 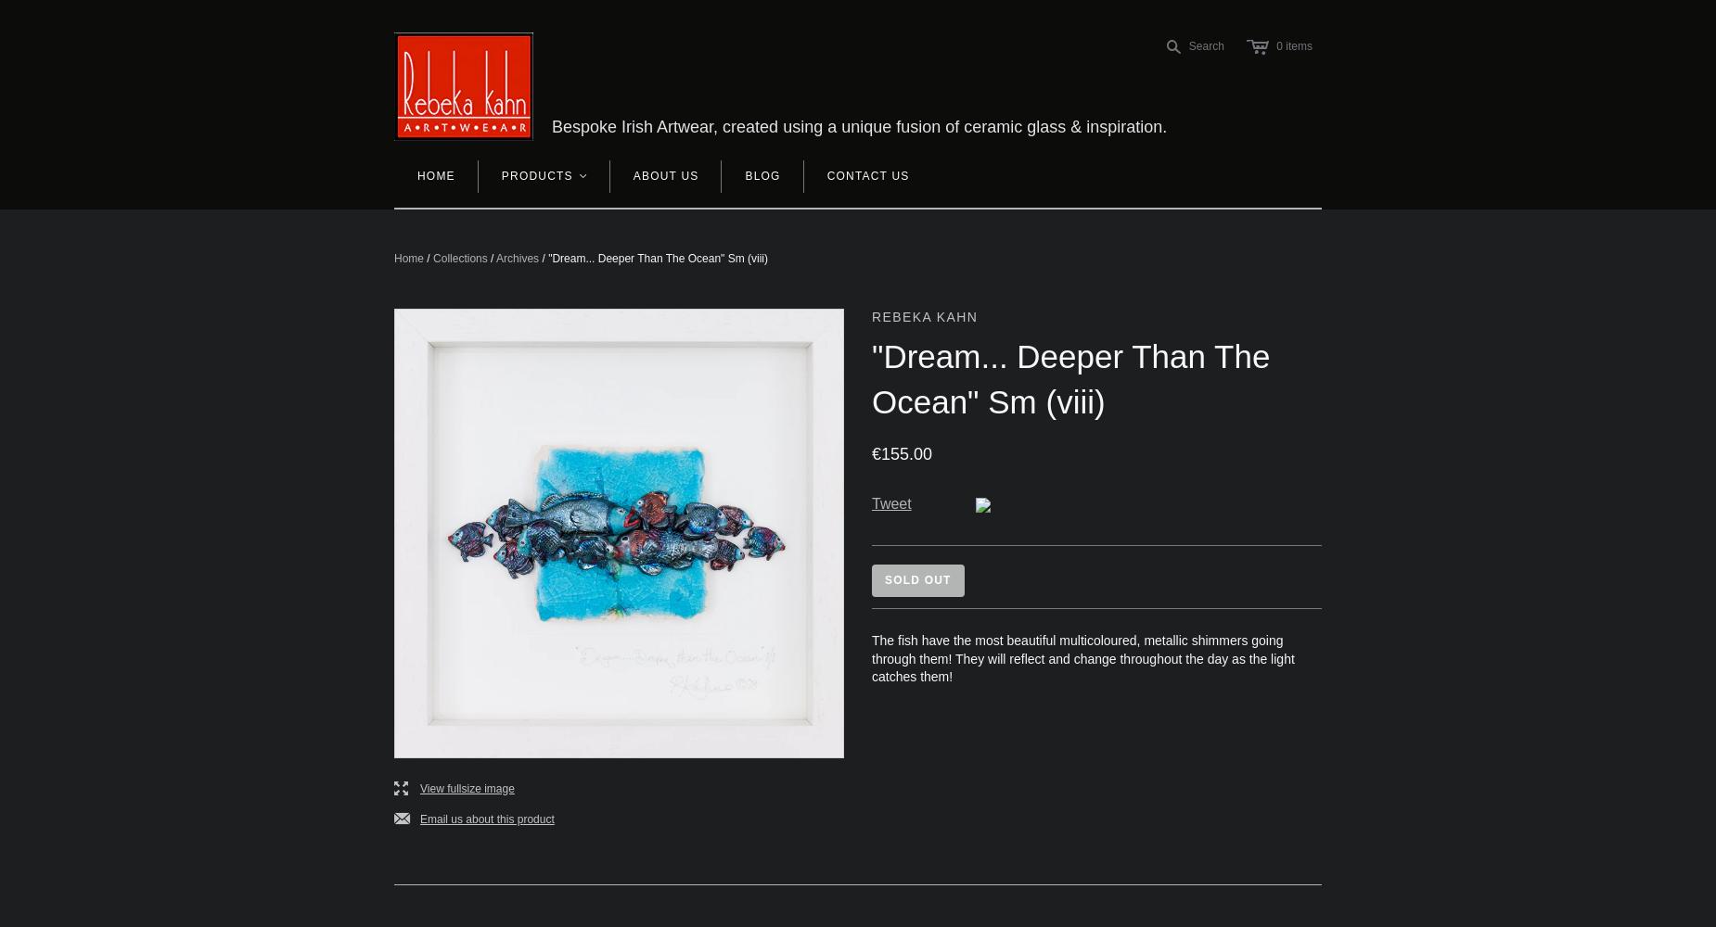 I want to click on 'Sold out', so click(x=916, y=580).